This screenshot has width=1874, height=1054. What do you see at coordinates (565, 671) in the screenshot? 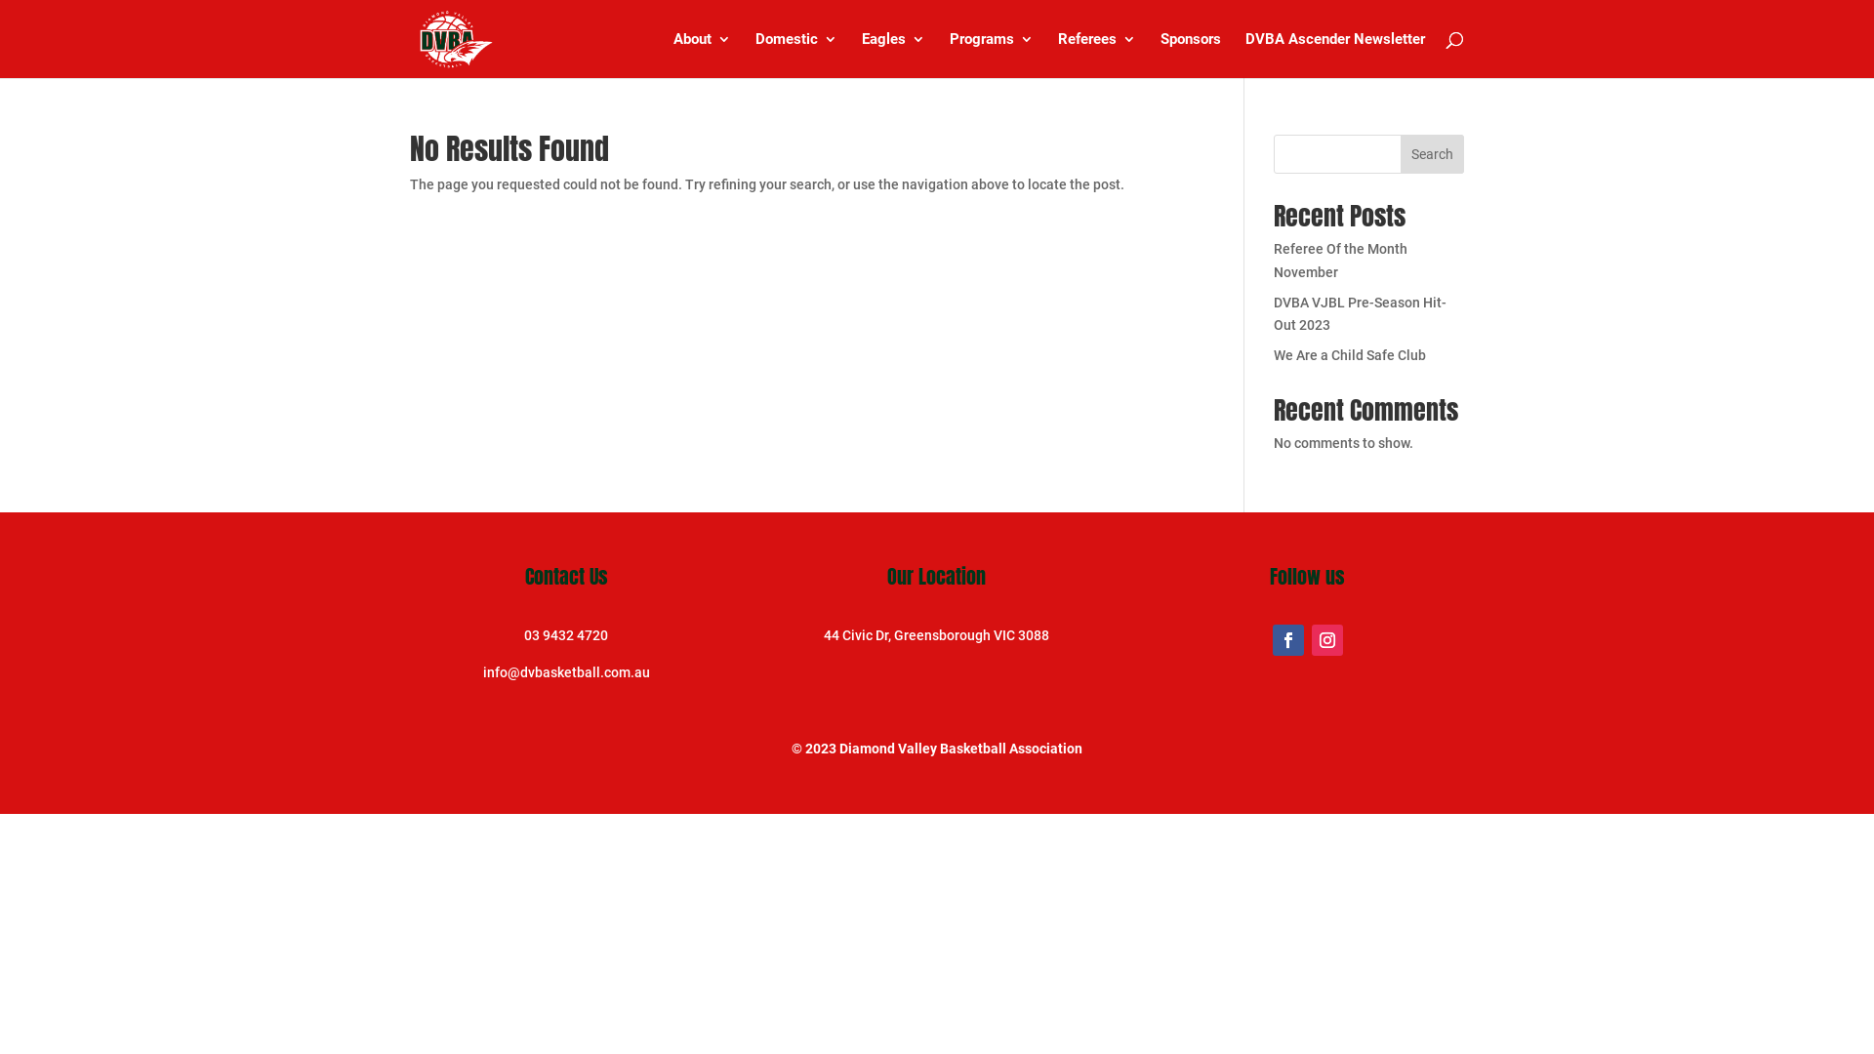
I see `'info@dvbasketball.com.au'` at bounding box center [565, 671].